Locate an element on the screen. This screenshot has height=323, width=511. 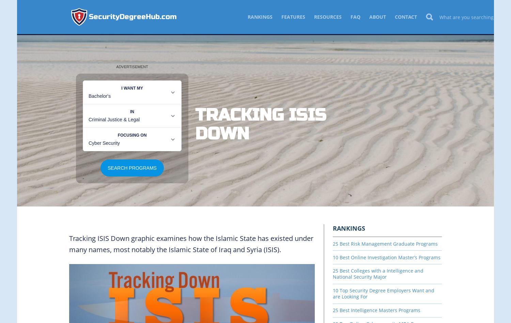
'Resources' is located at coordinates (327, 17).